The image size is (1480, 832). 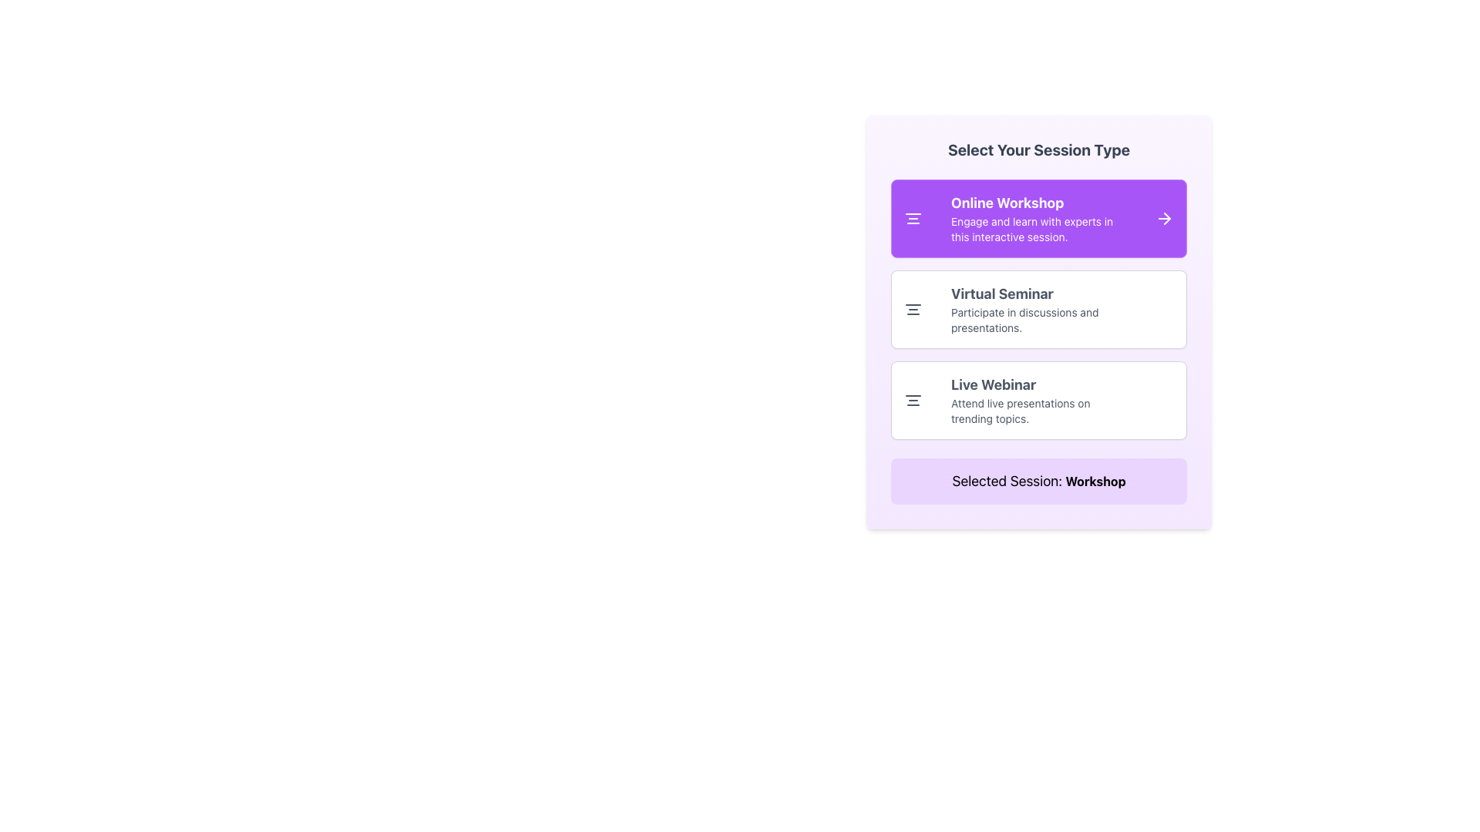 I want to click on the 'Online Workshop' text block, so click(x=1039, y=219).